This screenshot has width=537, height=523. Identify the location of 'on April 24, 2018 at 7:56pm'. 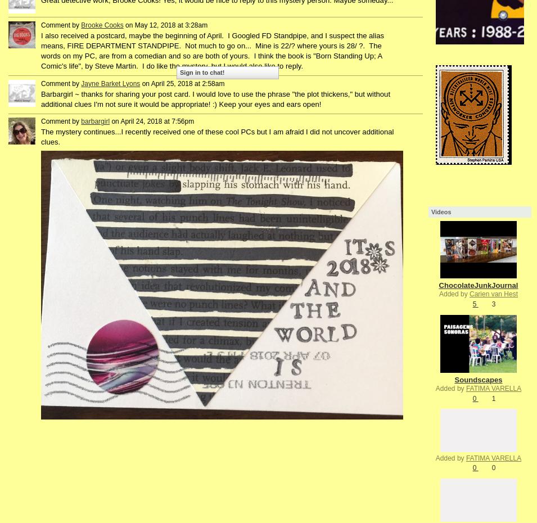
(151, 121).